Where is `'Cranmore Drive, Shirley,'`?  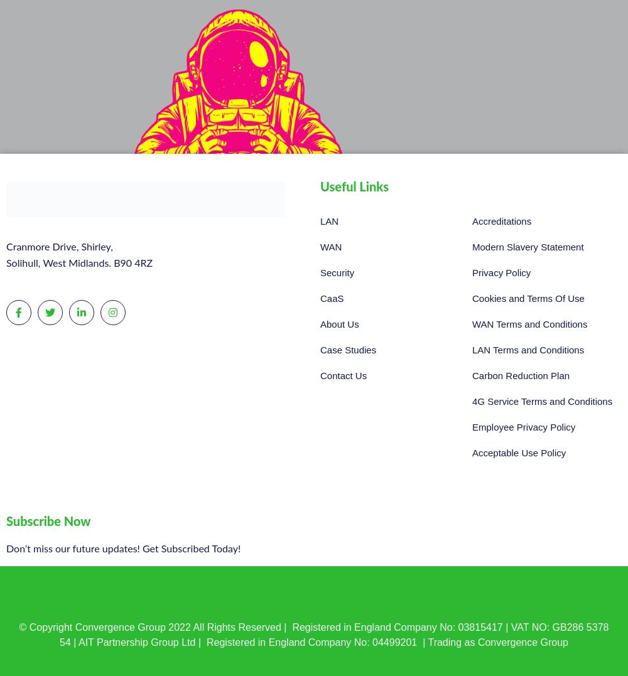
'Cranmore Drive, Shirley,' is located at coordinates (58, 247).